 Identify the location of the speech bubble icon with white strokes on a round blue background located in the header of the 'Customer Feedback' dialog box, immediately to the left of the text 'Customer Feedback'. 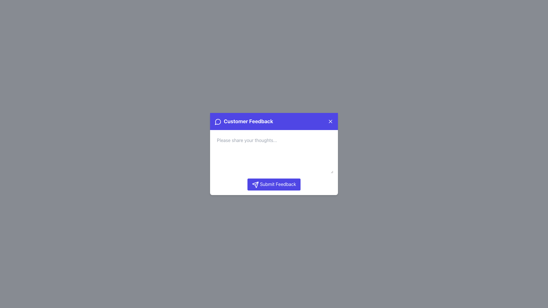
(217, 121).